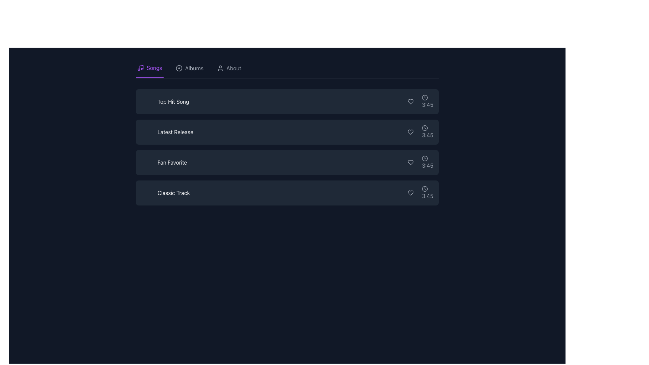  What do you see at coordinates (146, 163) in the screenshot?
I see `the small triangular play button icon, which is white and located within the dark rectangular background of the 'Fan Favorite' list item, to the left of the text label` at bounding box center [146, 163].